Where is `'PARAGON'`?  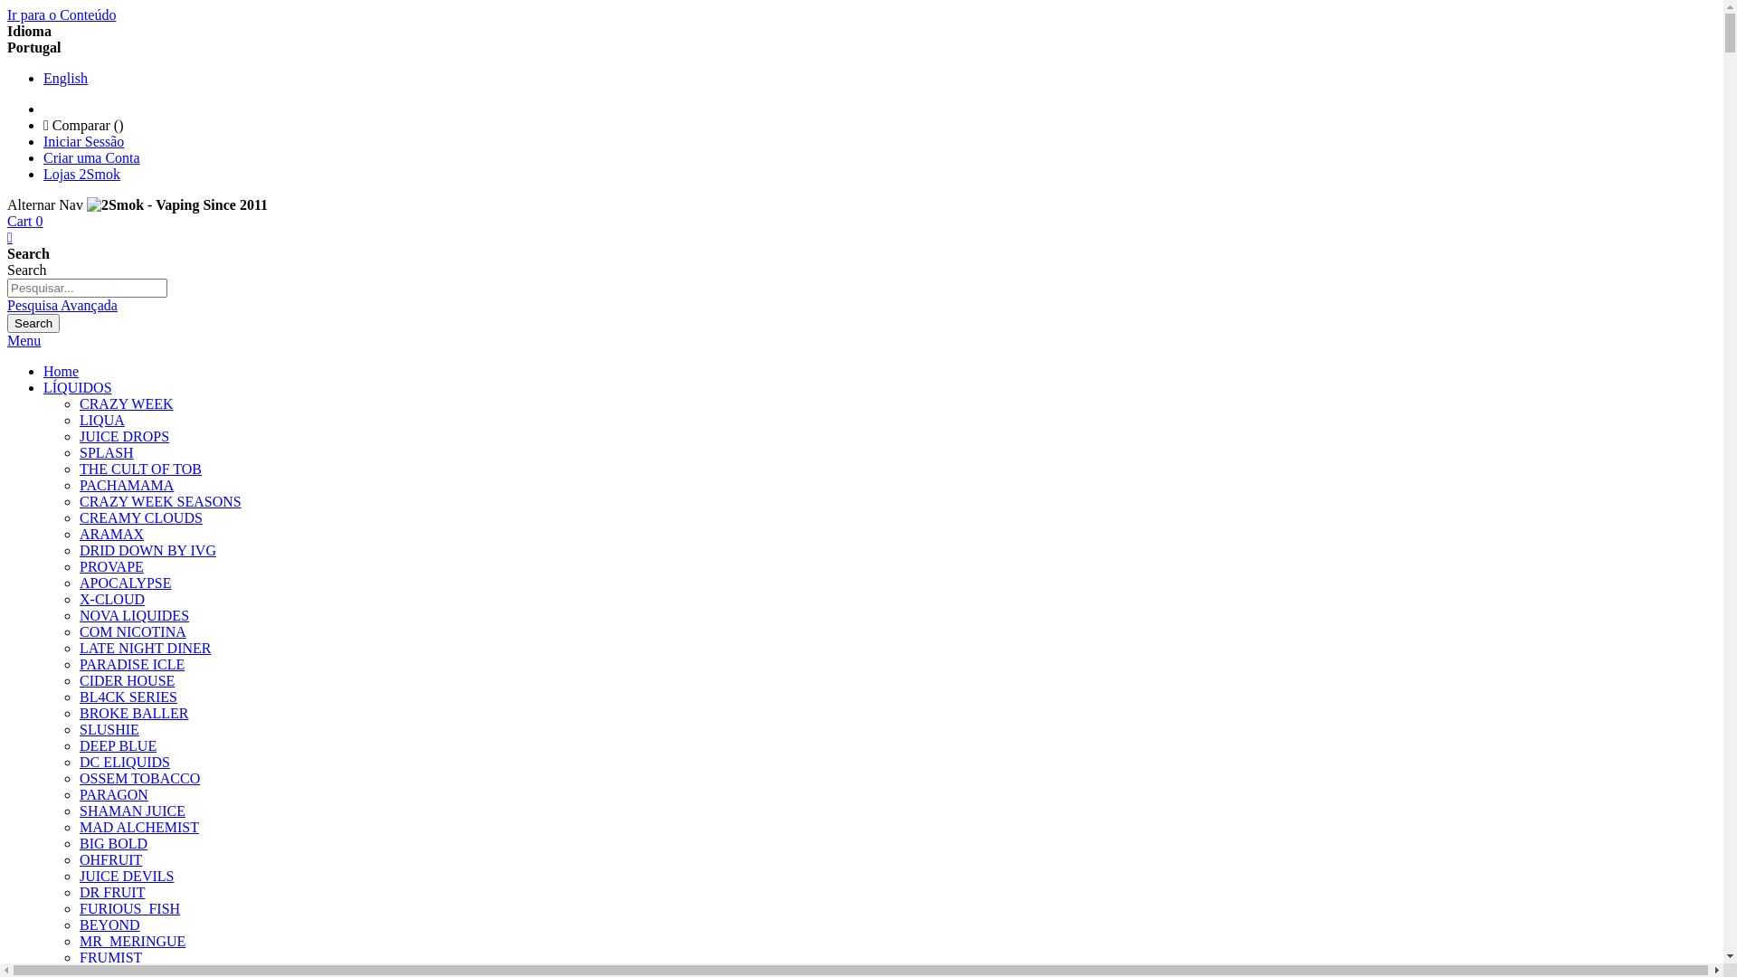 'PARAGON' is located at coordinates (112, 793).